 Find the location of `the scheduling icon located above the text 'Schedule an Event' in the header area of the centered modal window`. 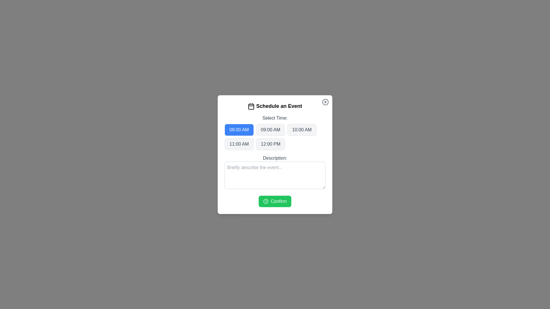

the scheduling icon located above the text 'Schedule an Event' in the header area of the centered modal window is located at coordinates (251, 106).